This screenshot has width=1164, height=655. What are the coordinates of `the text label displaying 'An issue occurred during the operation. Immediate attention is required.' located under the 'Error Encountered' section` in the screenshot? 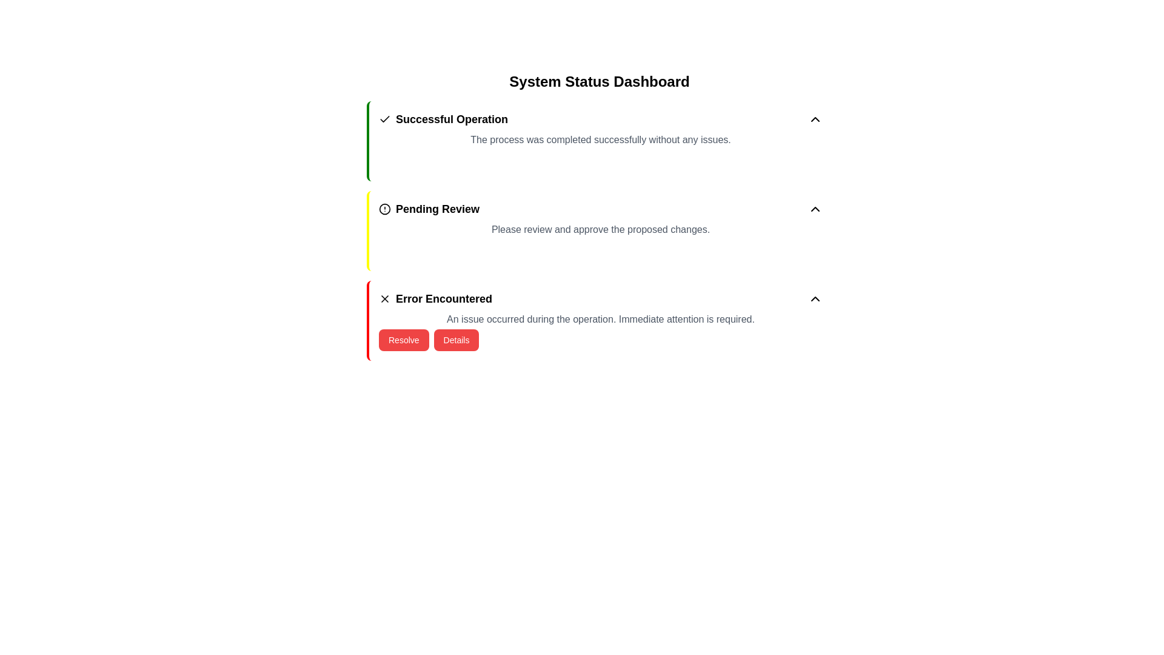 It's located at (600, 319).